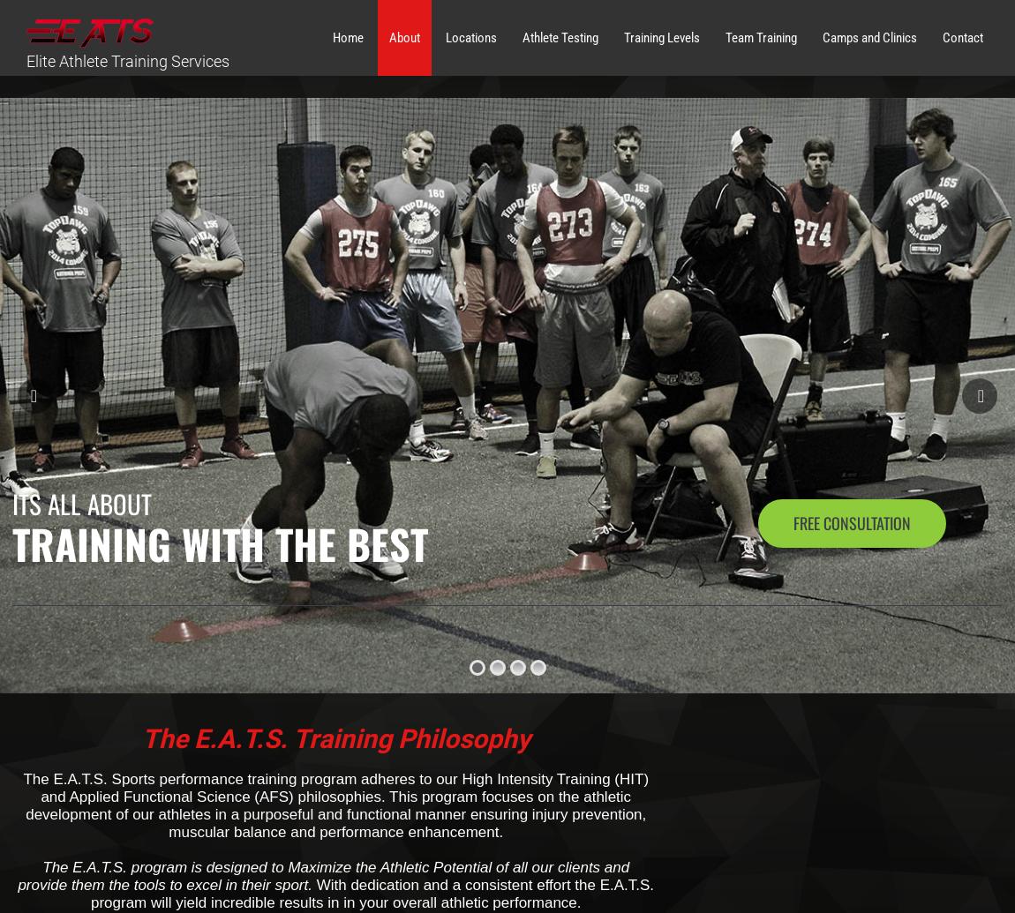  What do you see at coordinates (740, 455) in the screenshot?
I see `'Meta'` at bounding box center [740, 455].